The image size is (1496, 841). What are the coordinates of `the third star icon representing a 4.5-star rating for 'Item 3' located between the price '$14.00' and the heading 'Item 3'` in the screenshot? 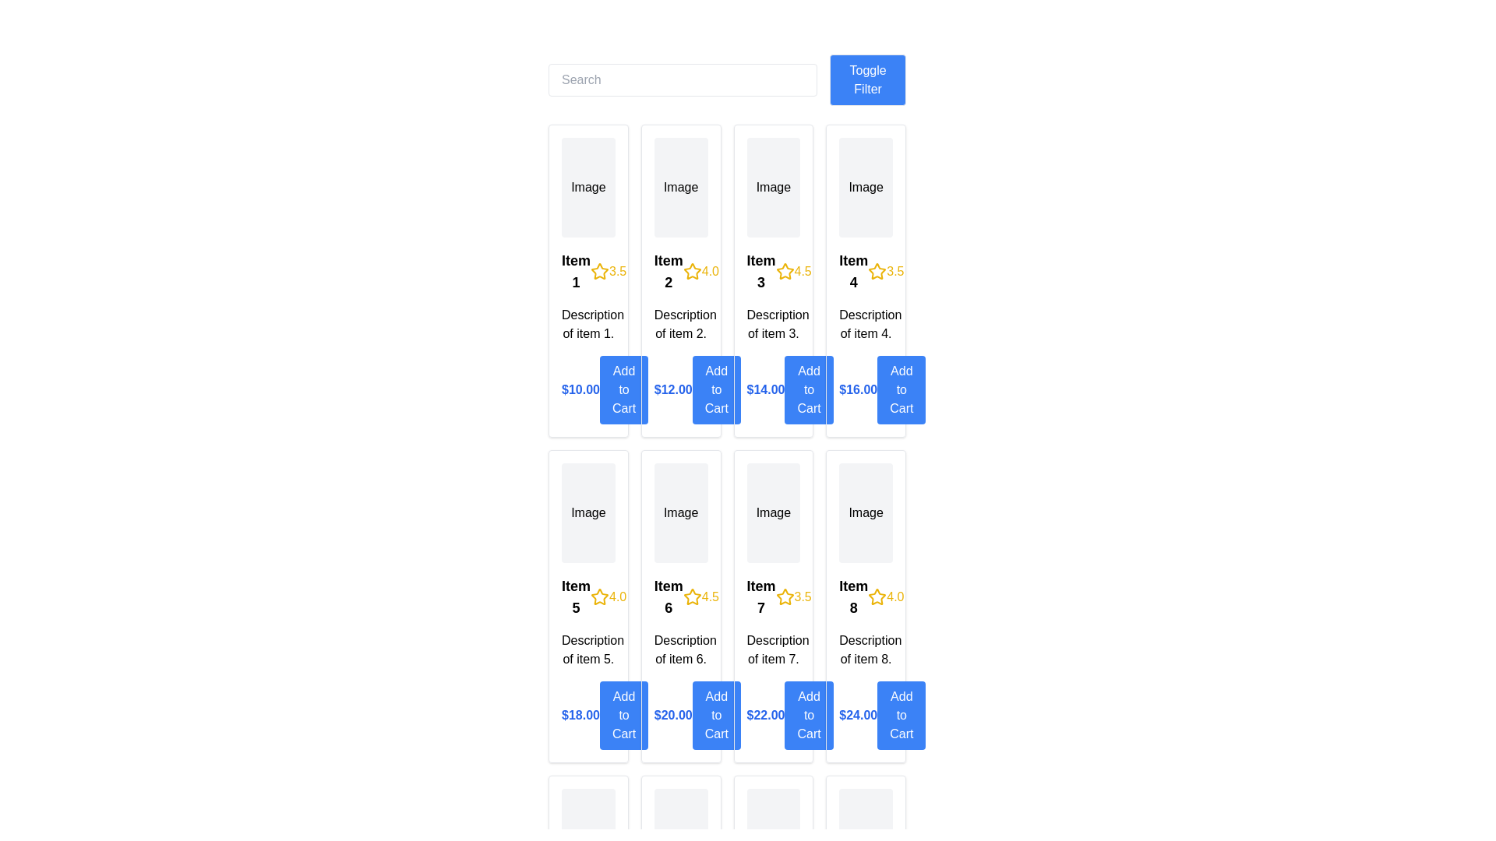 It's located at (785, 270).